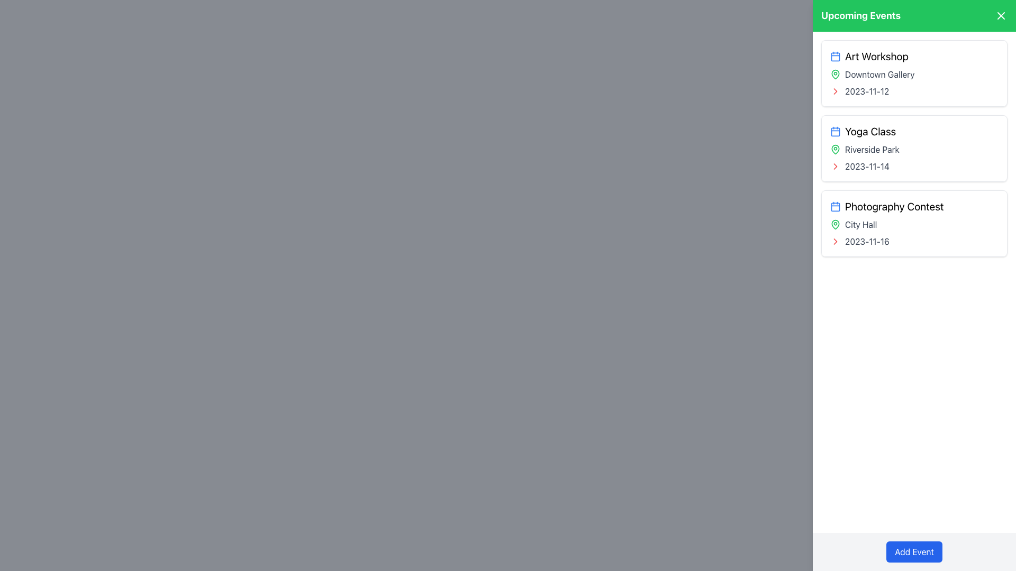 Image resolution: width=1016 pixels, height=571 pixels. What do you see at coordinates (835, 149) in the screenshot?
I see `the map pin icon with a green outline next to the text 'Riverside Park'` at bounding box center [835, 149].